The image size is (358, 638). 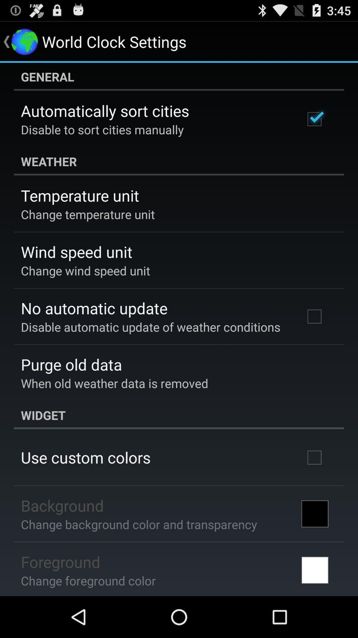 I want to click on the icon next to change background color icon, so click(x=315, y=513).